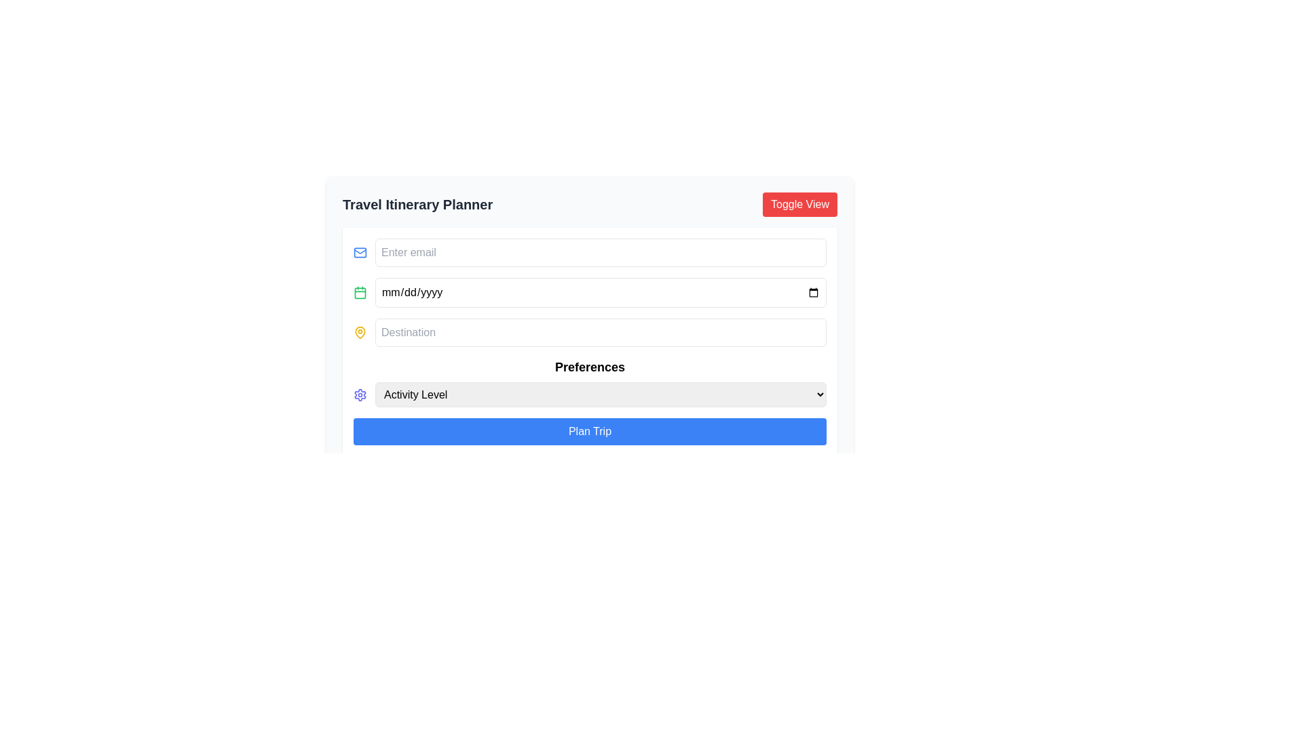 The height and width of the screenshot is (732, 1303). Describe the element at coordinates (360, 253) in the screenshot. I see `the blue-colored email icon, which is located at the upper left corner of the input field labeled 'Enter email'` at that location.